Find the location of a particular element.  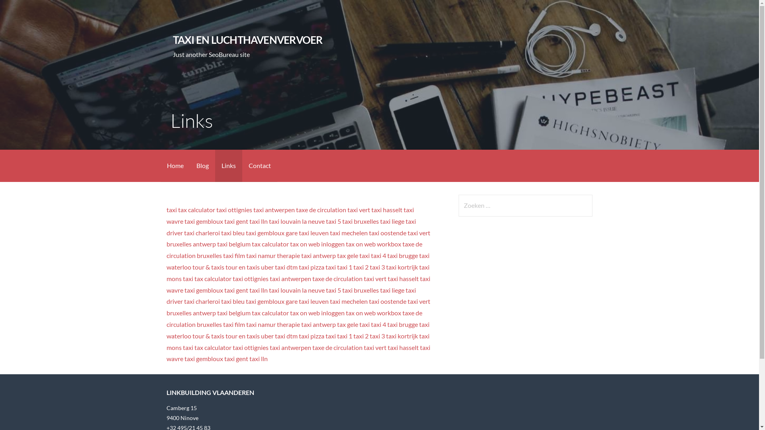

'Contact' is located at coordinates (260, 165).